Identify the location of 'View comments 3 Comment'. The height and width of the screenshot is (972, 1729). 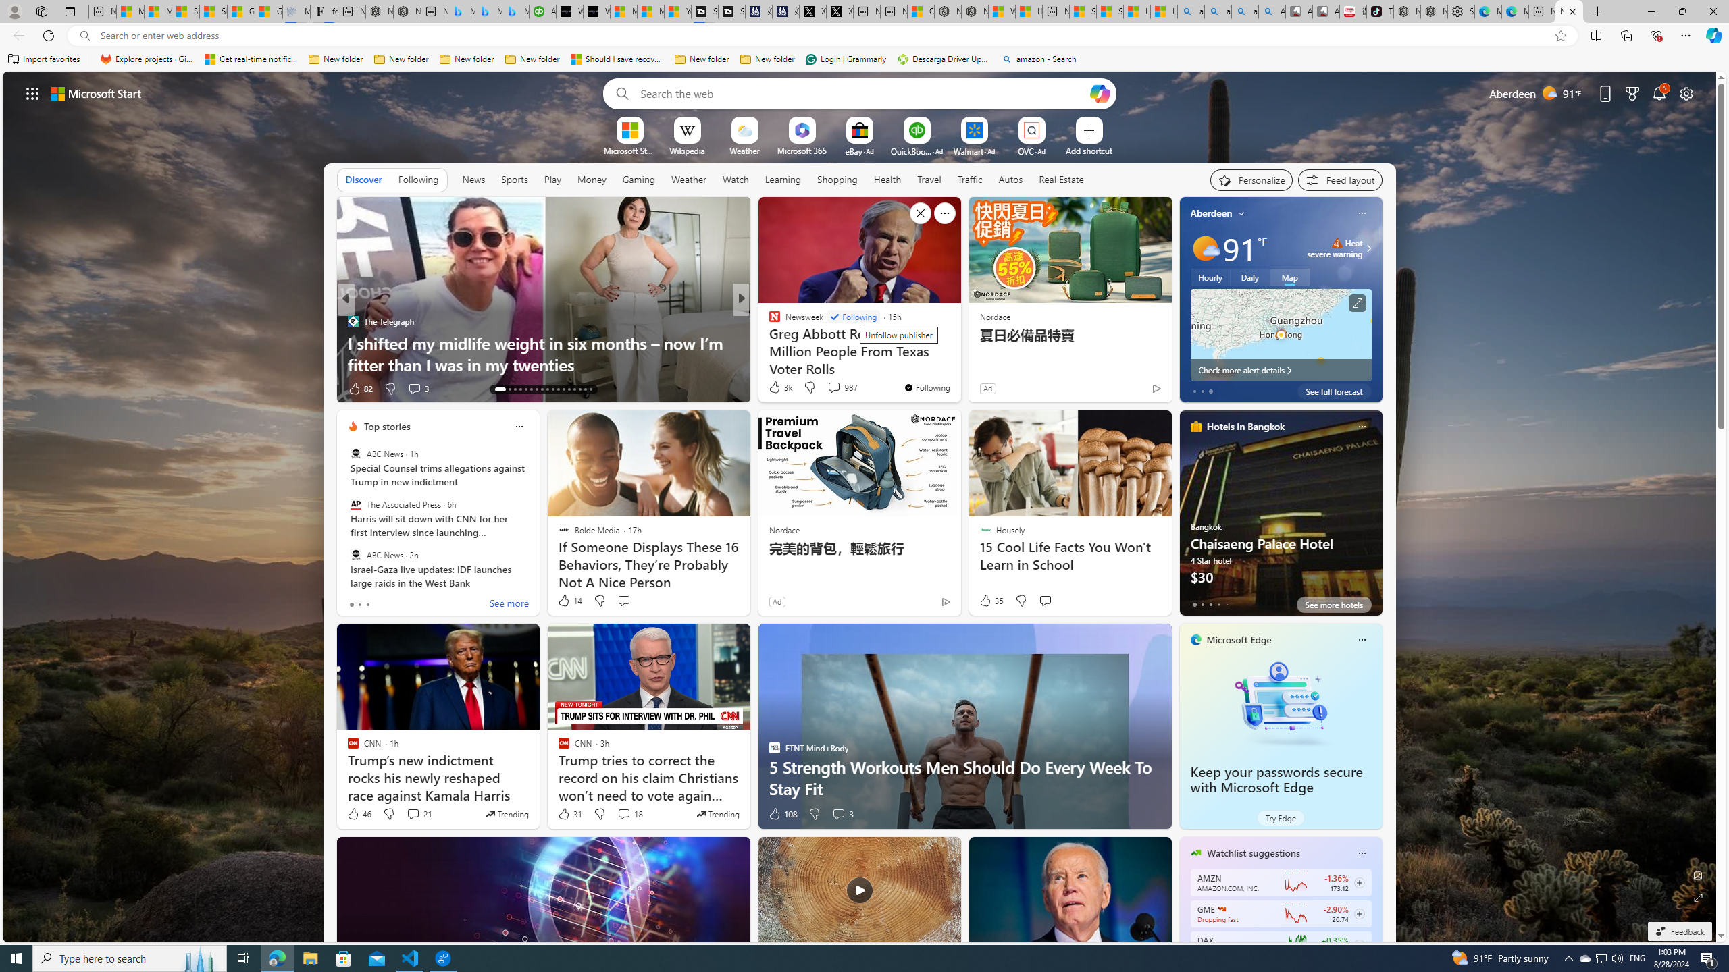
(842, 814).